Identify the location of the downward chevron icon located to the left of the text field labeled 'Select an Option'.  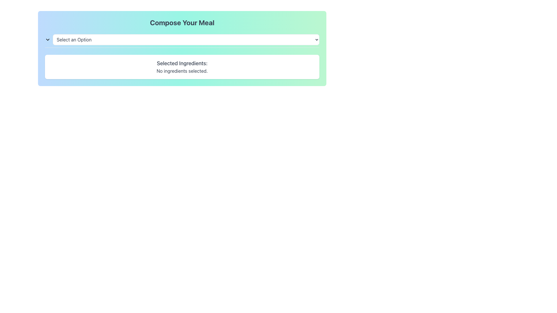
(48, 39).